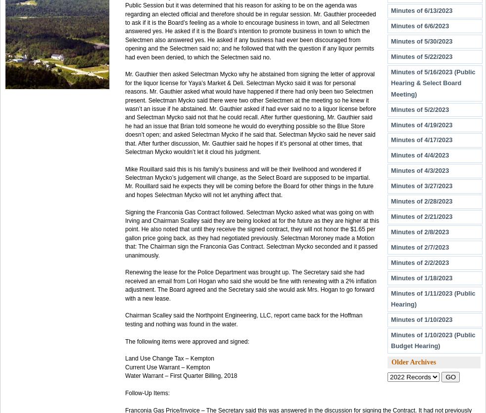  I want to click on 'Mike Rouillard said this is his family’s business and will be their livelihood and wondered if Selectman Mycko’s judgement will change, as the Select Board are supposed to be impartial.  Mr. Rouillard said he expects they will be coming before the Board for other things in the future and hopes Selectman Mycko will not let anything affect that.', so click(125, 181).